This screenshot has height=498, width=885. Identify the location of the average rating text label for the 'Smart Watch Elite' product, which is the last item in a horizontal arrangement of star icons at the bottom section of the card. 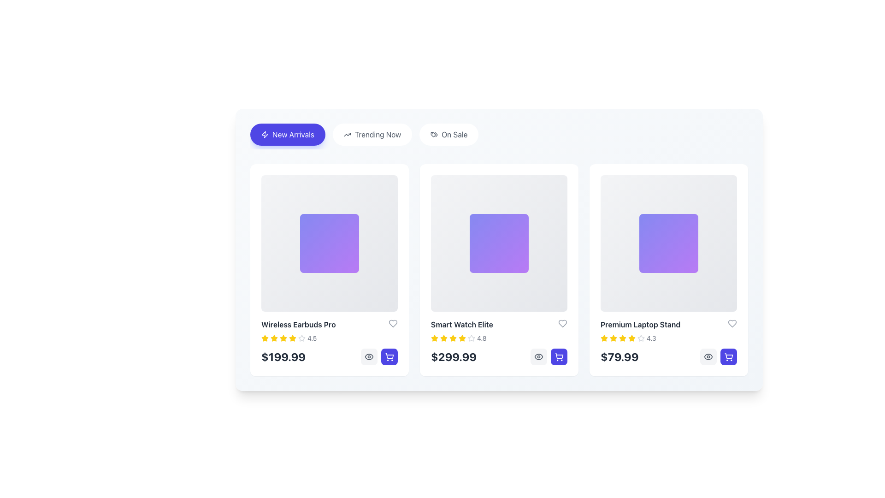
(481, 338).